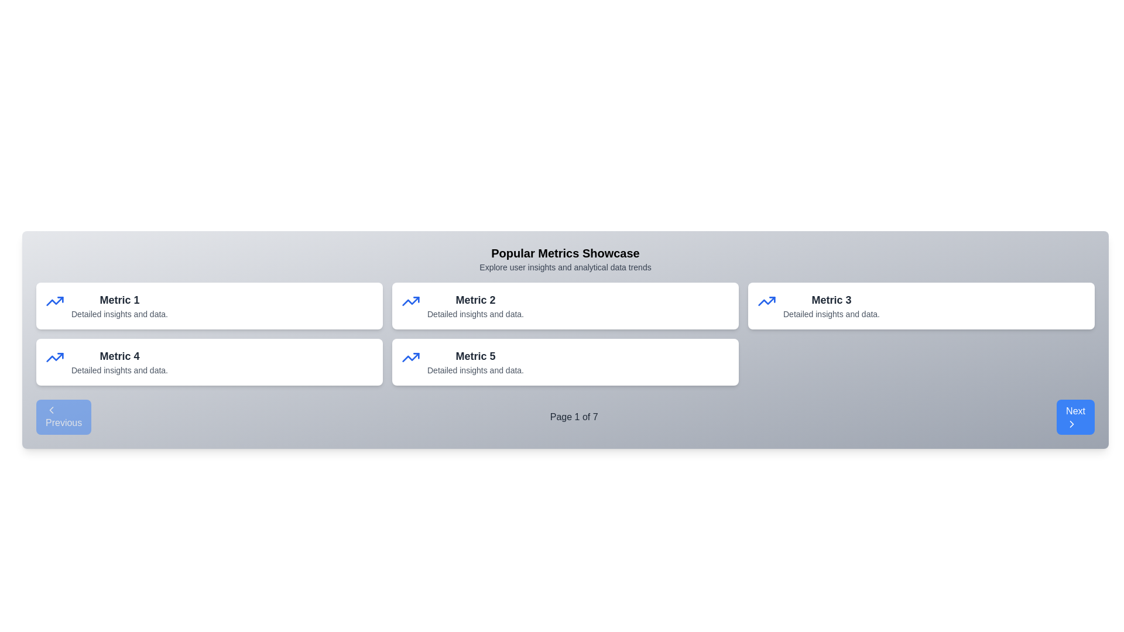 This screenshot has width=1124, height=632. I want to click on the pagination information text label located at the bottom of the page, centered between the 'Previous' and 'Next' buttons, so click(574, 417).